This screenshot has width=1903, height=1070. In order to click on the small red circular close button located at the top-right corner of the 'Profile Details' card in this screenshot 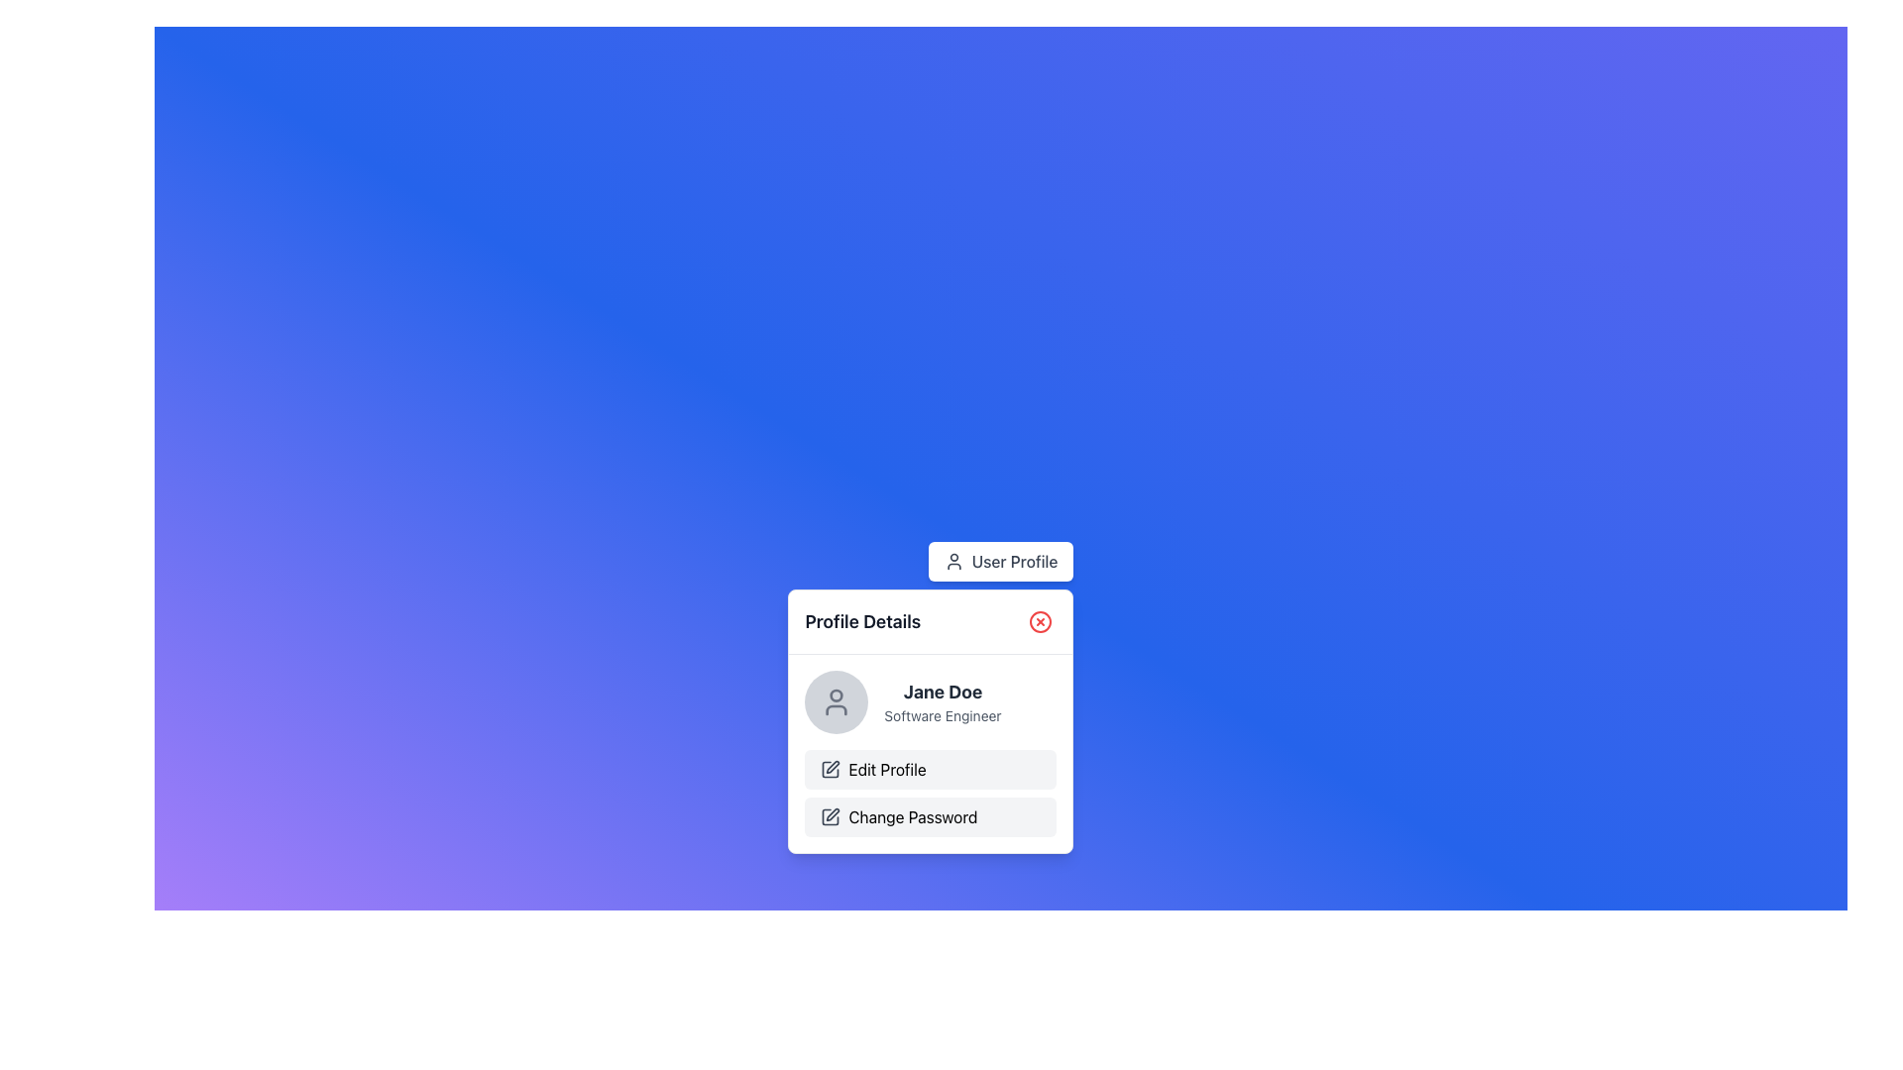, I will do `click(1040, 621)`.